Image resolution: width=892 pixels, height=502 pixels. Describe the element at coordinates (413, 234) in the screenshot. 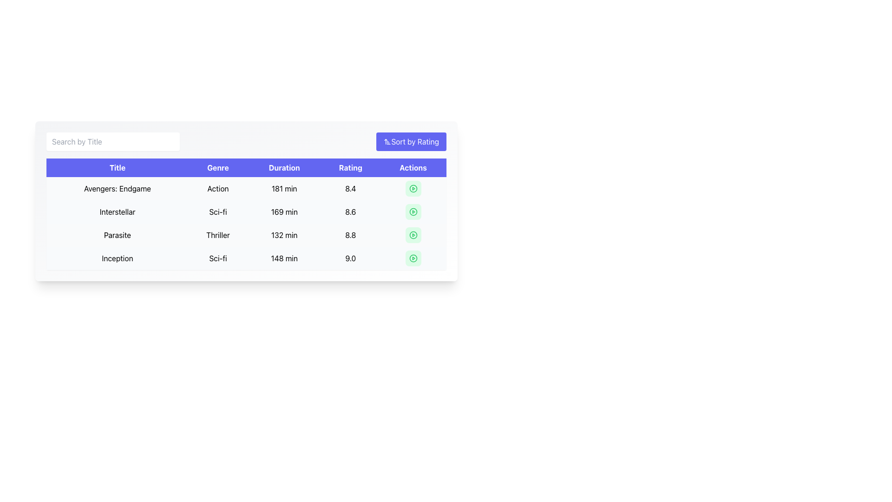

I see `the circular green-bordered button with a play symbol located in the fourth row and fifth column of the movie 'Parasite' actions tab to initiate action` at that location.